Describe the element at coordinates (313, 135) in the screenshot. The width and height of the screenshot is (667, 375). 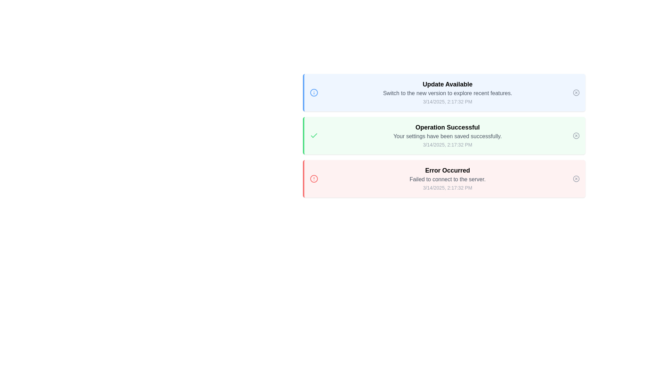
I see `the decorative vector graphic icon located in the second notification box labeled 'Operation Successful', which is positioned to the left of the textual content` at that location.